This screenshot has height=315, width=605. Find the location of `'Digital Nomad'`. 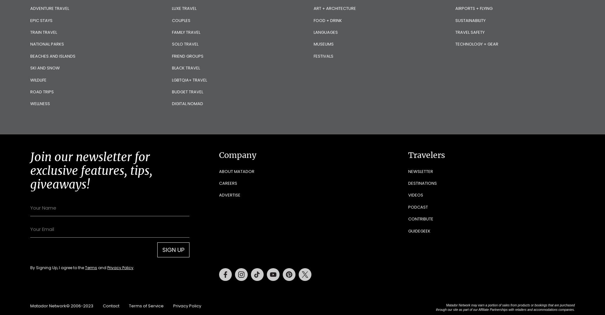

'Digital Nomad' is located at coordinates (188, 104).